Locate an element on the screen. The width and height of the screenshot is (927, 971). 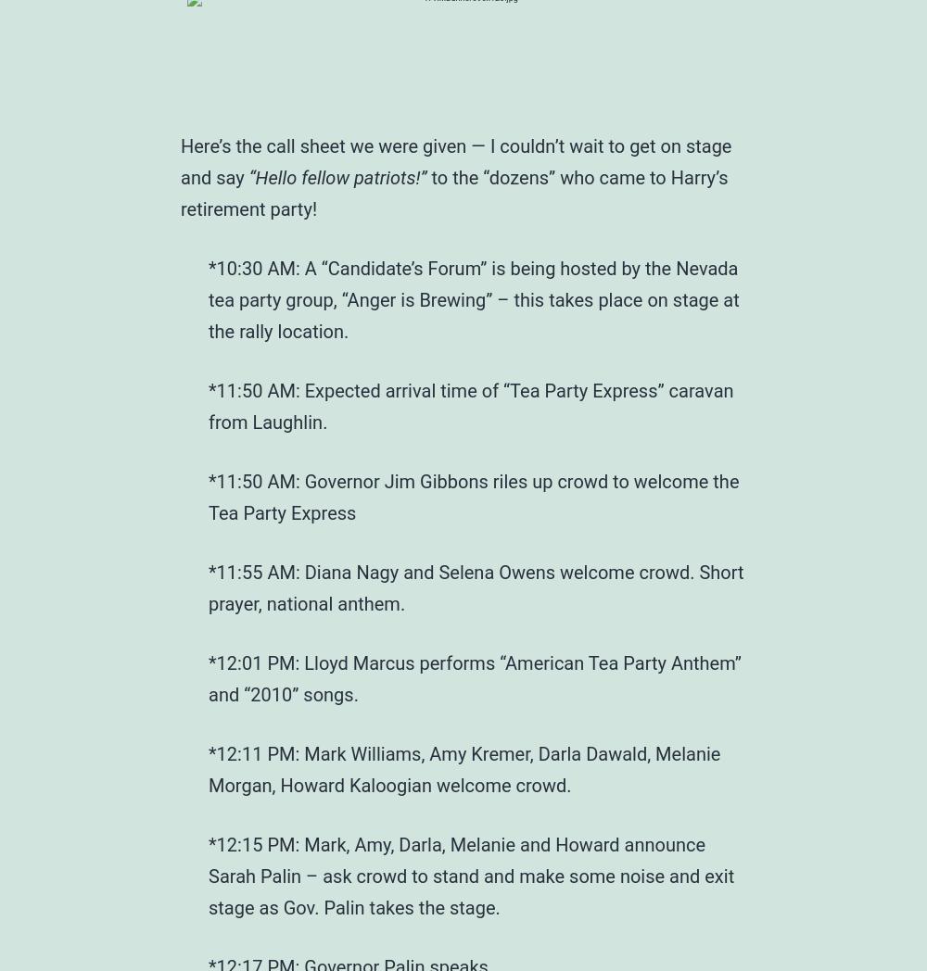
'*12:11 PM: Mark Williams, Amy Kremer, Darla Dawald, Melanie Morgan, Howard Kaloogian welcome crowd.' is located at coordinates (208, 768).